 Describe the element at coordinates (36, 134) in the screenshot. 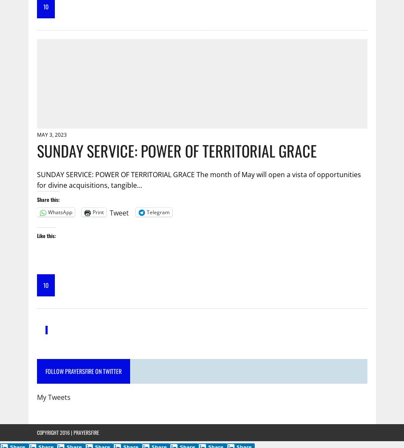

I see `'May 3, 2023'` at that location.